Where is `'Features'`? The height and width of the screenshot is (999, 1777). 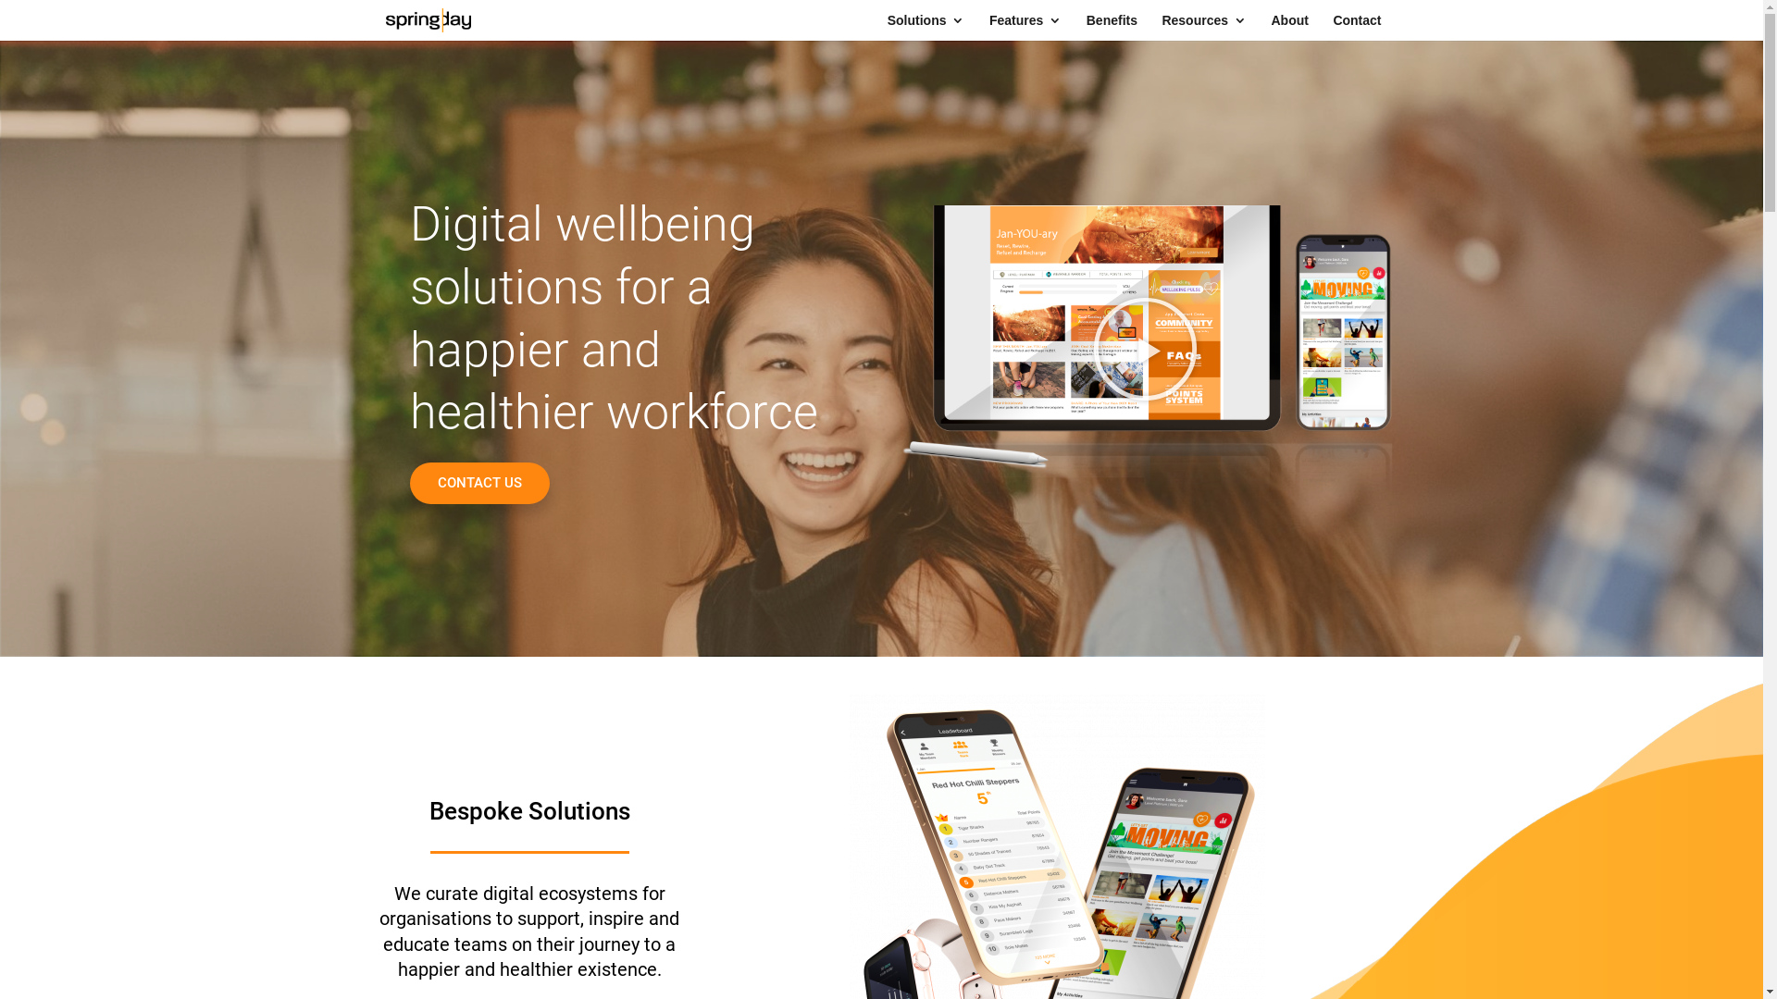 'Features' is located at coordinates (1025, 27).